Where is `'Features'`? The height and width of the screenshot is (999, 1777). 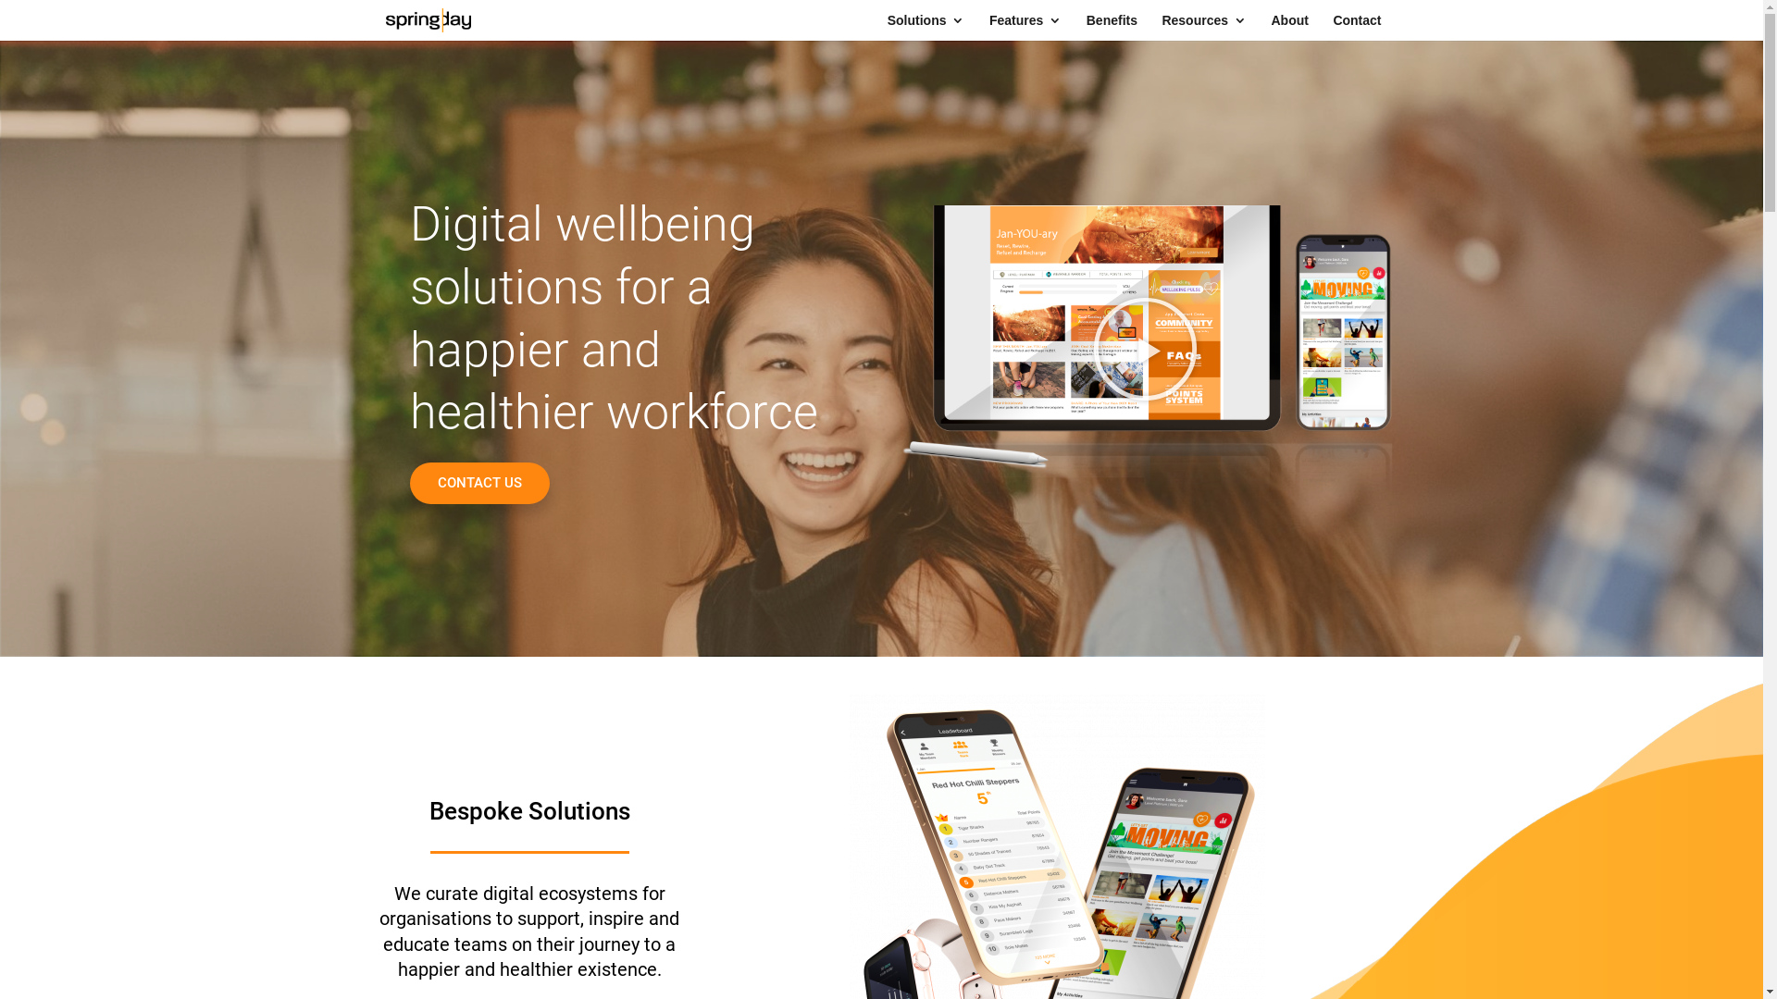 'Features' is located at coordinates (1025, 27).